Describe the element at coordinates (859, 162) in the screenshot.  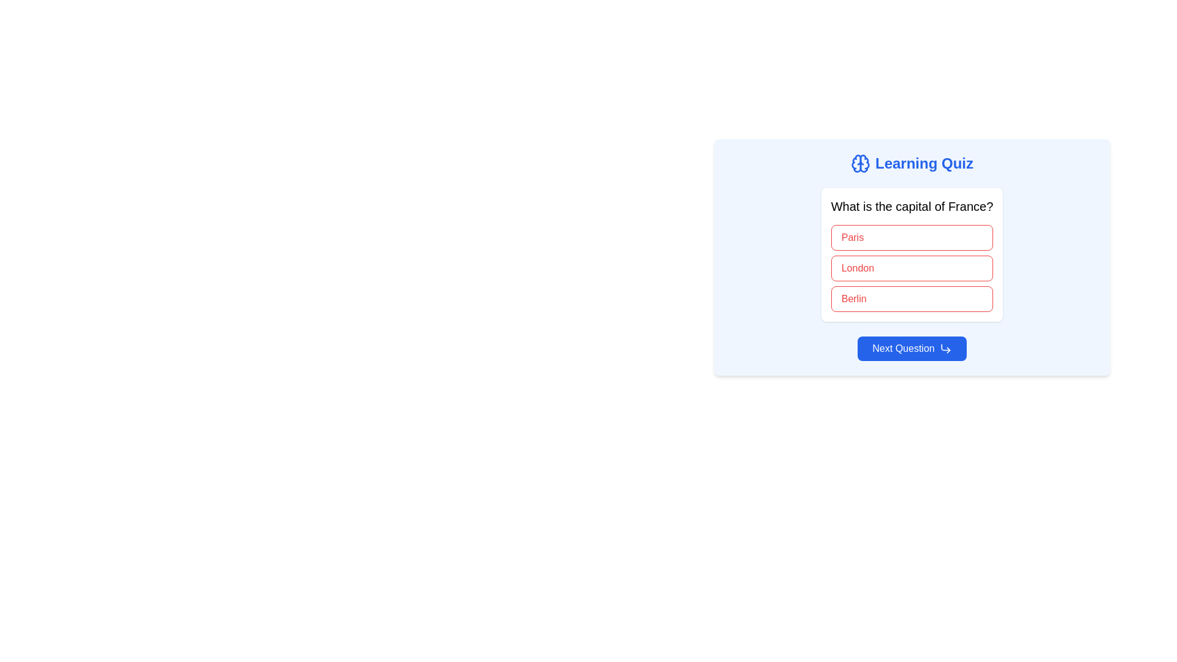
I see `the SVG Icon representing brain-related or intellectual activity, located at the beginning of the header 'Learning Quiz'` at that location.